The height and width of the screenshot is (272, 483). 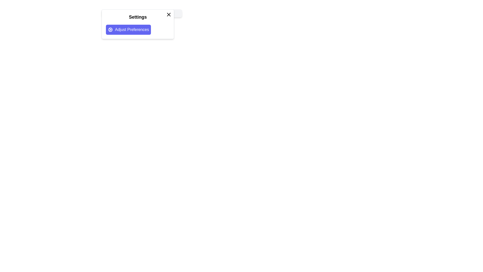 I want to click on the settings cog icon located in the top right panel, near the 'Settings' menu title, so click(x=110, y=30).